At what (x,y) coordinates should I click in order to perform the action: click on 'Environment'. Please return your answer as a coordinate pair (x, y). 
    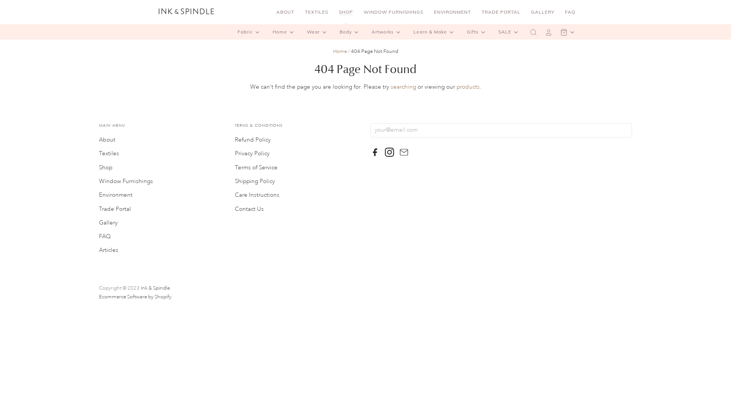
    Looking at the image, I should click on (98, 194).